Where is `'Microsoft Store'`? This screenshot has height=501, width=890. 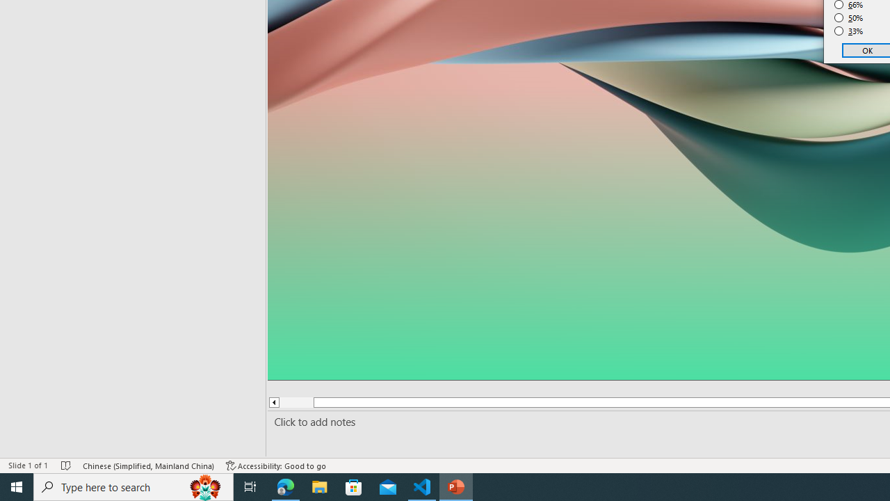
'Microsoft Store' is located at coordinates (354, 486).